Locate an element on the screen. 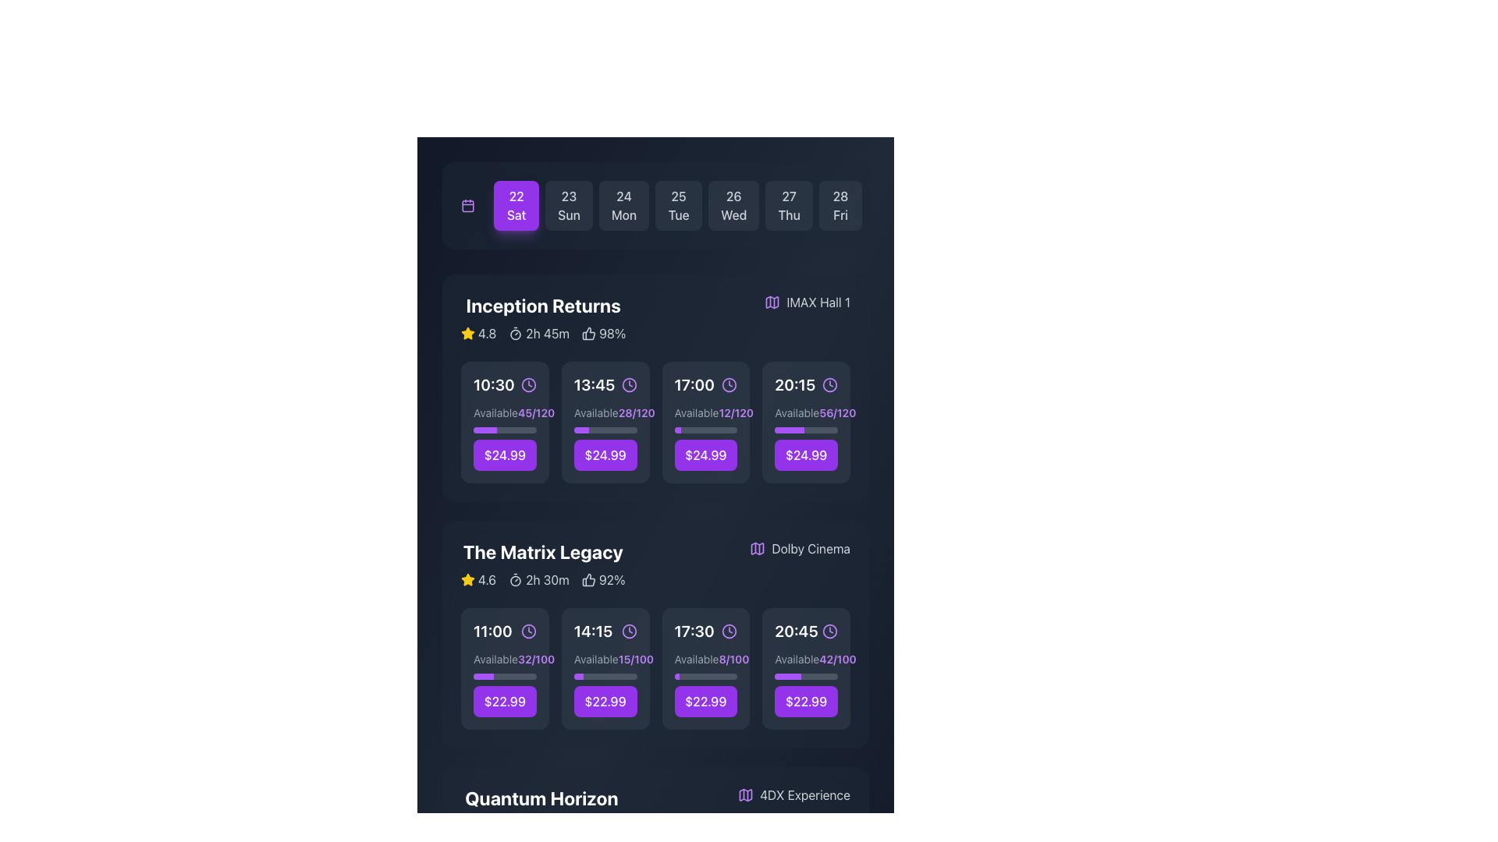 The width and height of the screenshot is (1498, 842). the time indicator icon located in the top-right corner of the box displaying '17:00' is located at coordinates (729, 384).